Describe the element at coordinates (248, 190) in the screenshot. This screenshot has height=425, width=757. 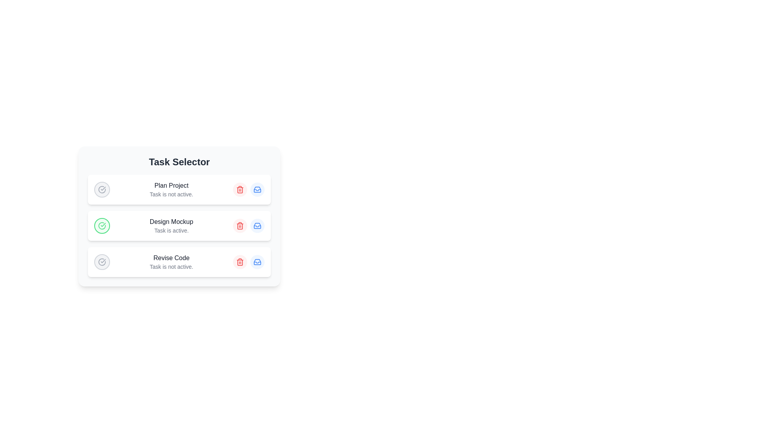
I see `the group of two buttons in the upper-right corner of the 'Plan Project' card` at that location.